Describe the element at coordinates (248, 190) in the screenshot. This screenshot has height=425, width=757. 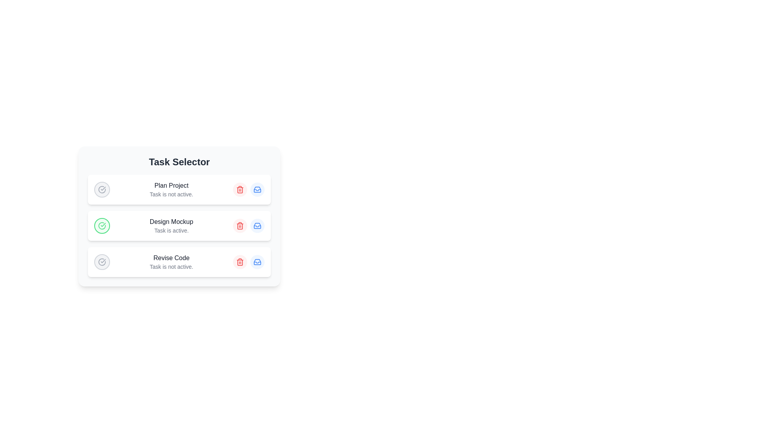
I see `the group of two buttons in the upper-right corner of the 'Plan Project' card` at that location.